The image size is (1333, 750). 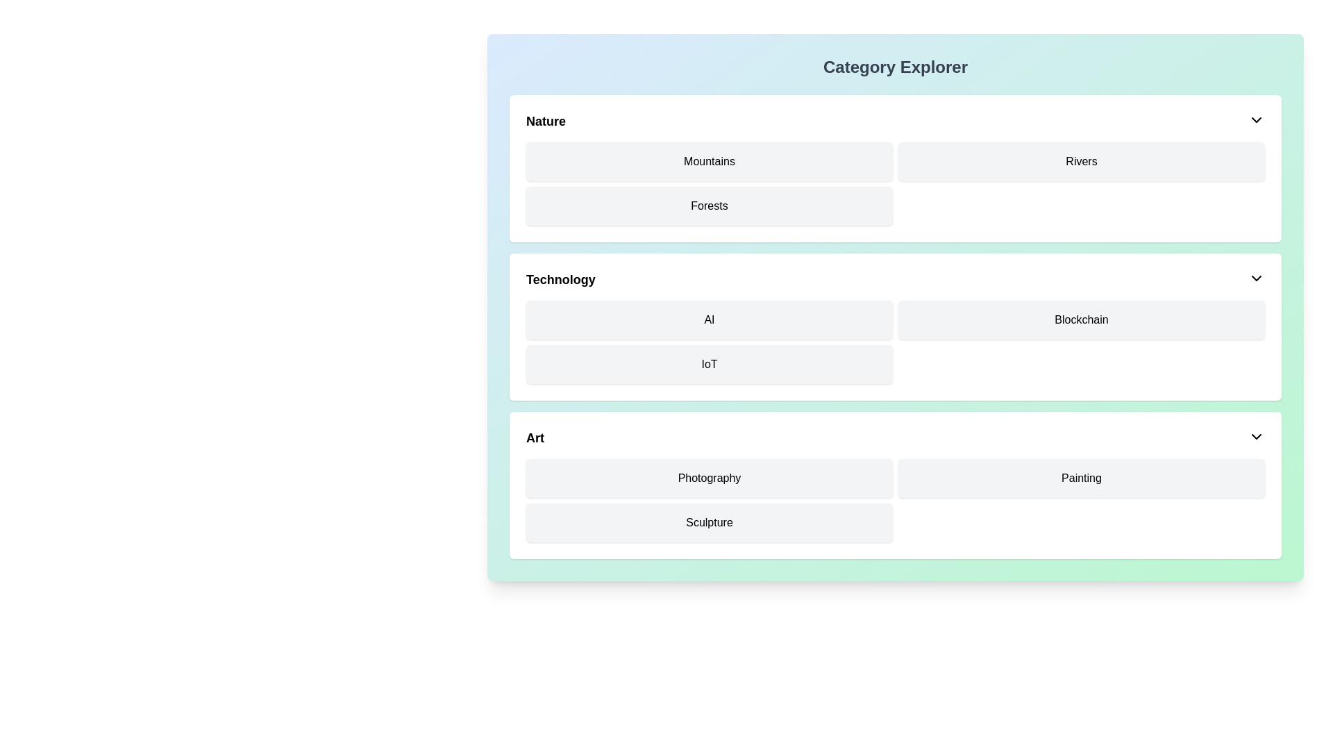 I want to click on the chevron-shaped downward arrow icon located at the top-right corner of the 'Nature' header section, adjacent to the title text 'Nature', so click(x=1256, y=119).